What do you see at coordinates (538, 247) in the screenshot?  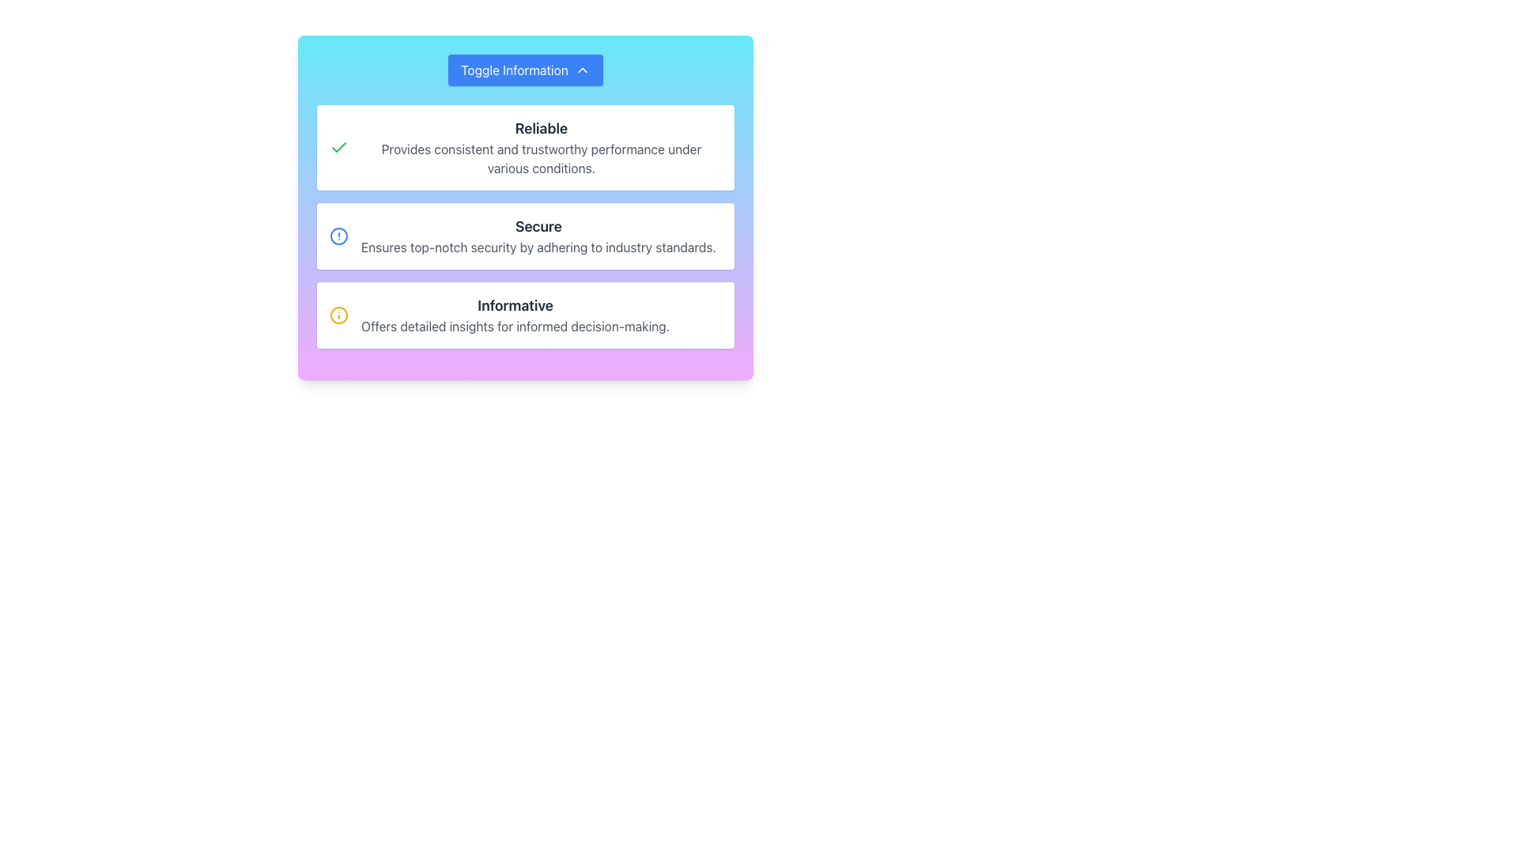 I see `text block containing the phrase 'Ensures top-notch security by adhering to industry standards.' which is styled in gray font and located below the heading 'Secure.'` at bounding box center [538, 247].